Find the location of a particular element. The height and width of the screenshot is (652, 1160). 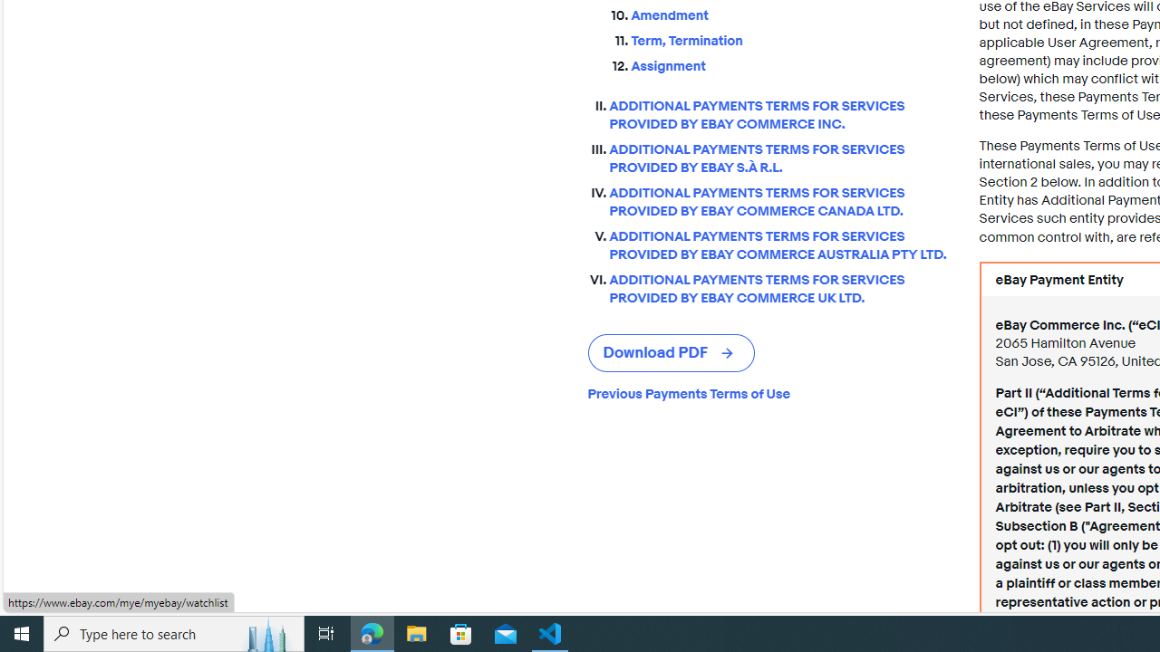

'Term, Termination' is located at coordinates (790, 37).